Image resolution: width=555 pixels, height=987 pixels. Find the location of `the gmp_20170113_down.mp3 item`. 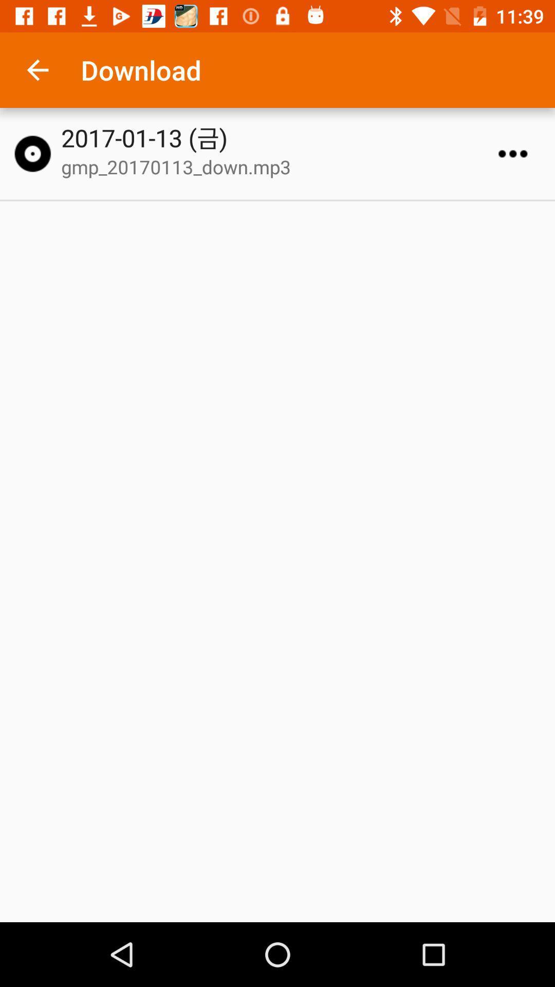

the gmp_20170113_down.mp3 item is located at coordinates (282, 167).